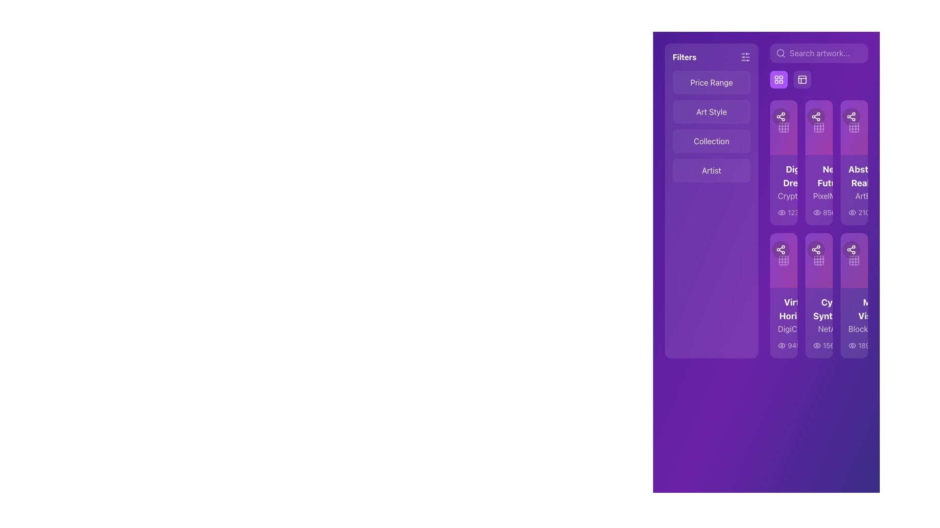 The image size is (940, 528). I want to click on the sharing button icon located in the middle of the top row of icons within the second card in the grid layout, so click(805, 116).